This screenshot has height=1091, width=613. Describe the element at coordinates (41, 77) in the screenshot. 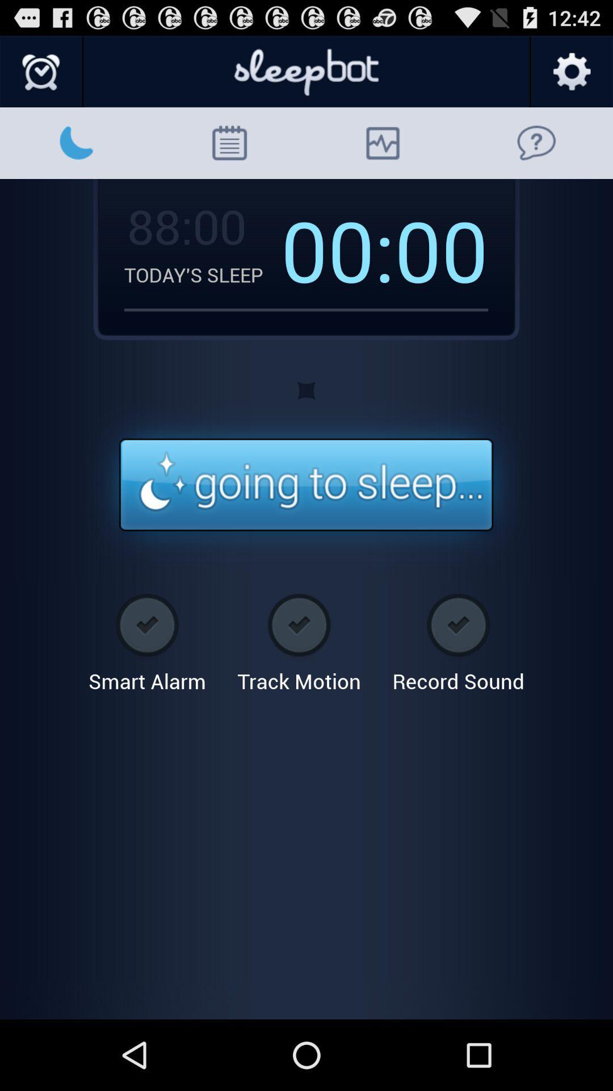

I see `the time icon` at that location.